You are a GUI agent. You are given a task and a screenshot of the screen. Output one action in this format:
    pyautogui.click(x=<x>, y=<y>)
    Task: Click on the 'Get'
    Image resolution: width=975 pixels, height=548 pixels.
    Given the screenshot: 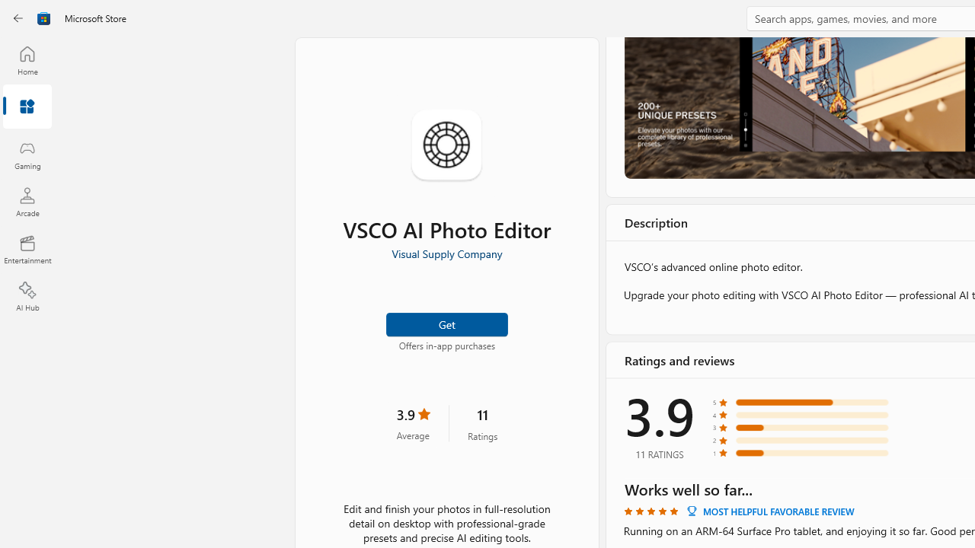 What is the action you would take?
    pyautogui.click(x=446, y=323)
    